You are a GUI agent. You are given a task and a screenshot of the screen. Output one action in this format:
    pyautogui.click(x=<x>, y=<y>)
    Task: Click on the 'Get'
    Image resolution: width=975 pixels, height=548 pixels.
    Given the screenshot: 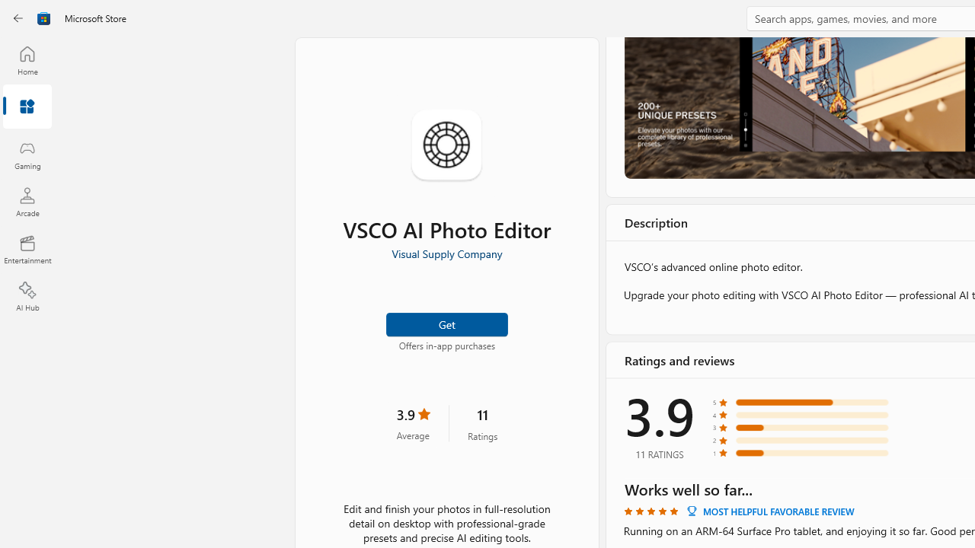 What is the action you would take?
    pyautogui.click(x=446, y=323)
    